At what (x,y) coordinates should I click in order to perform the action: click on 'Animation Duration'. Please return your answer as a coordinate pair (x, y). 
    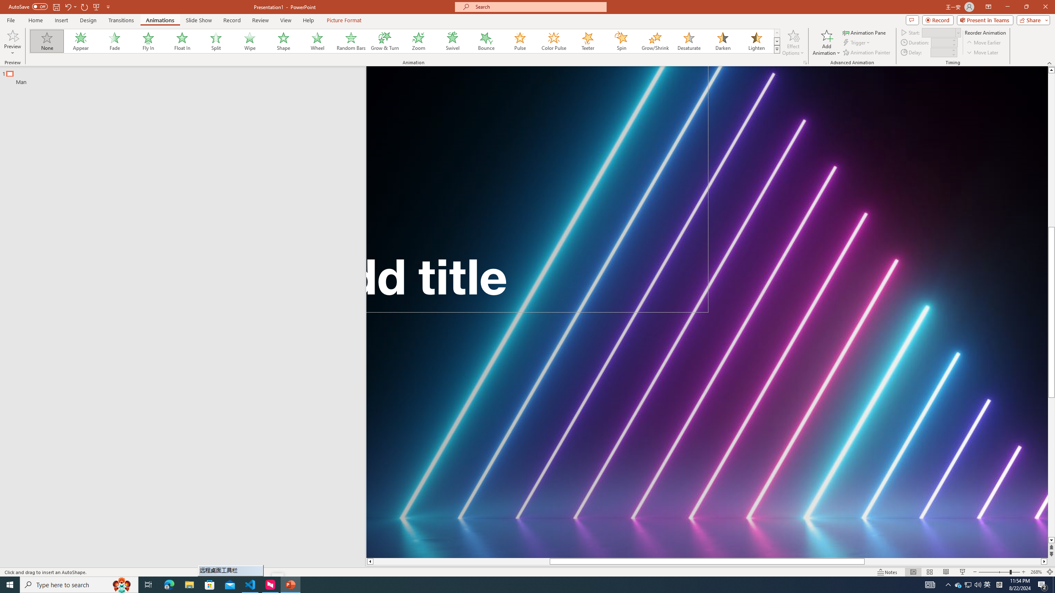
    Looking at the image, I should click on (940, 42).